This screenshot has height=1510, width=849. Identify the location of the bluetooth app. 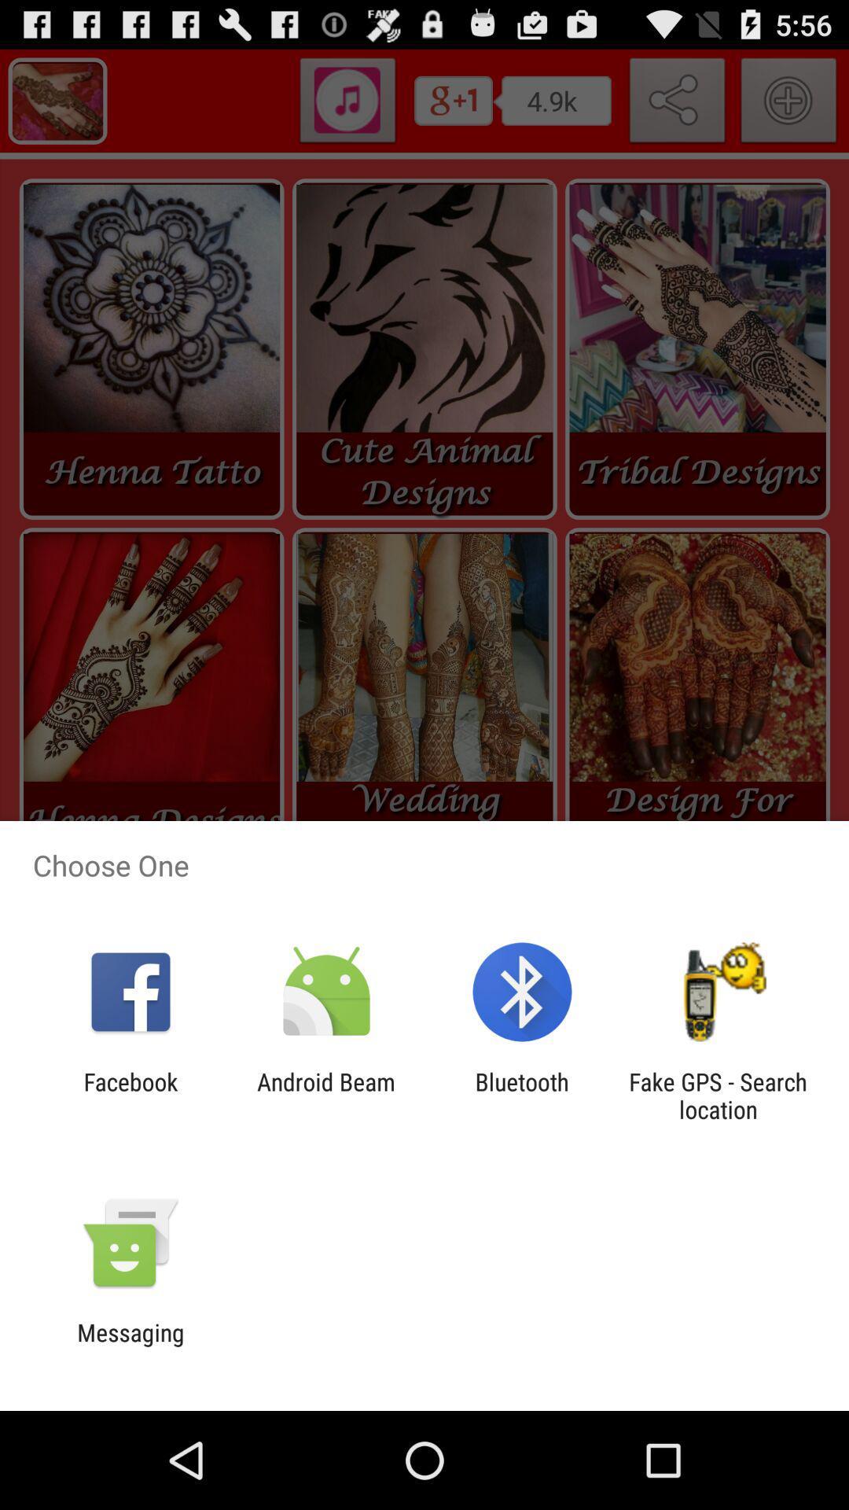
(522, 1095).